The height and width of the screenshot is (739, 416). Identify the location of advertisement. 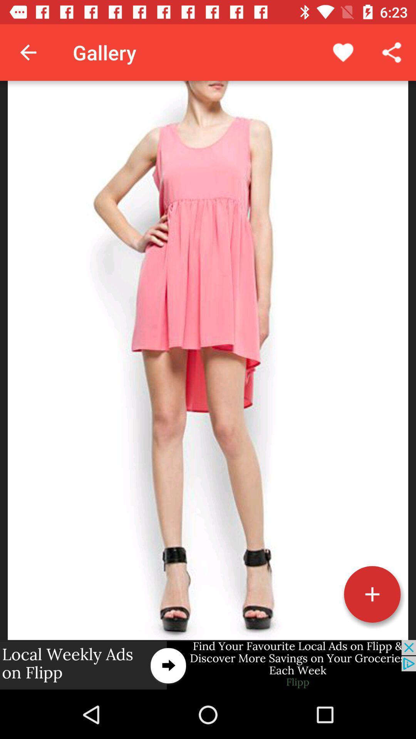
(208, 665).